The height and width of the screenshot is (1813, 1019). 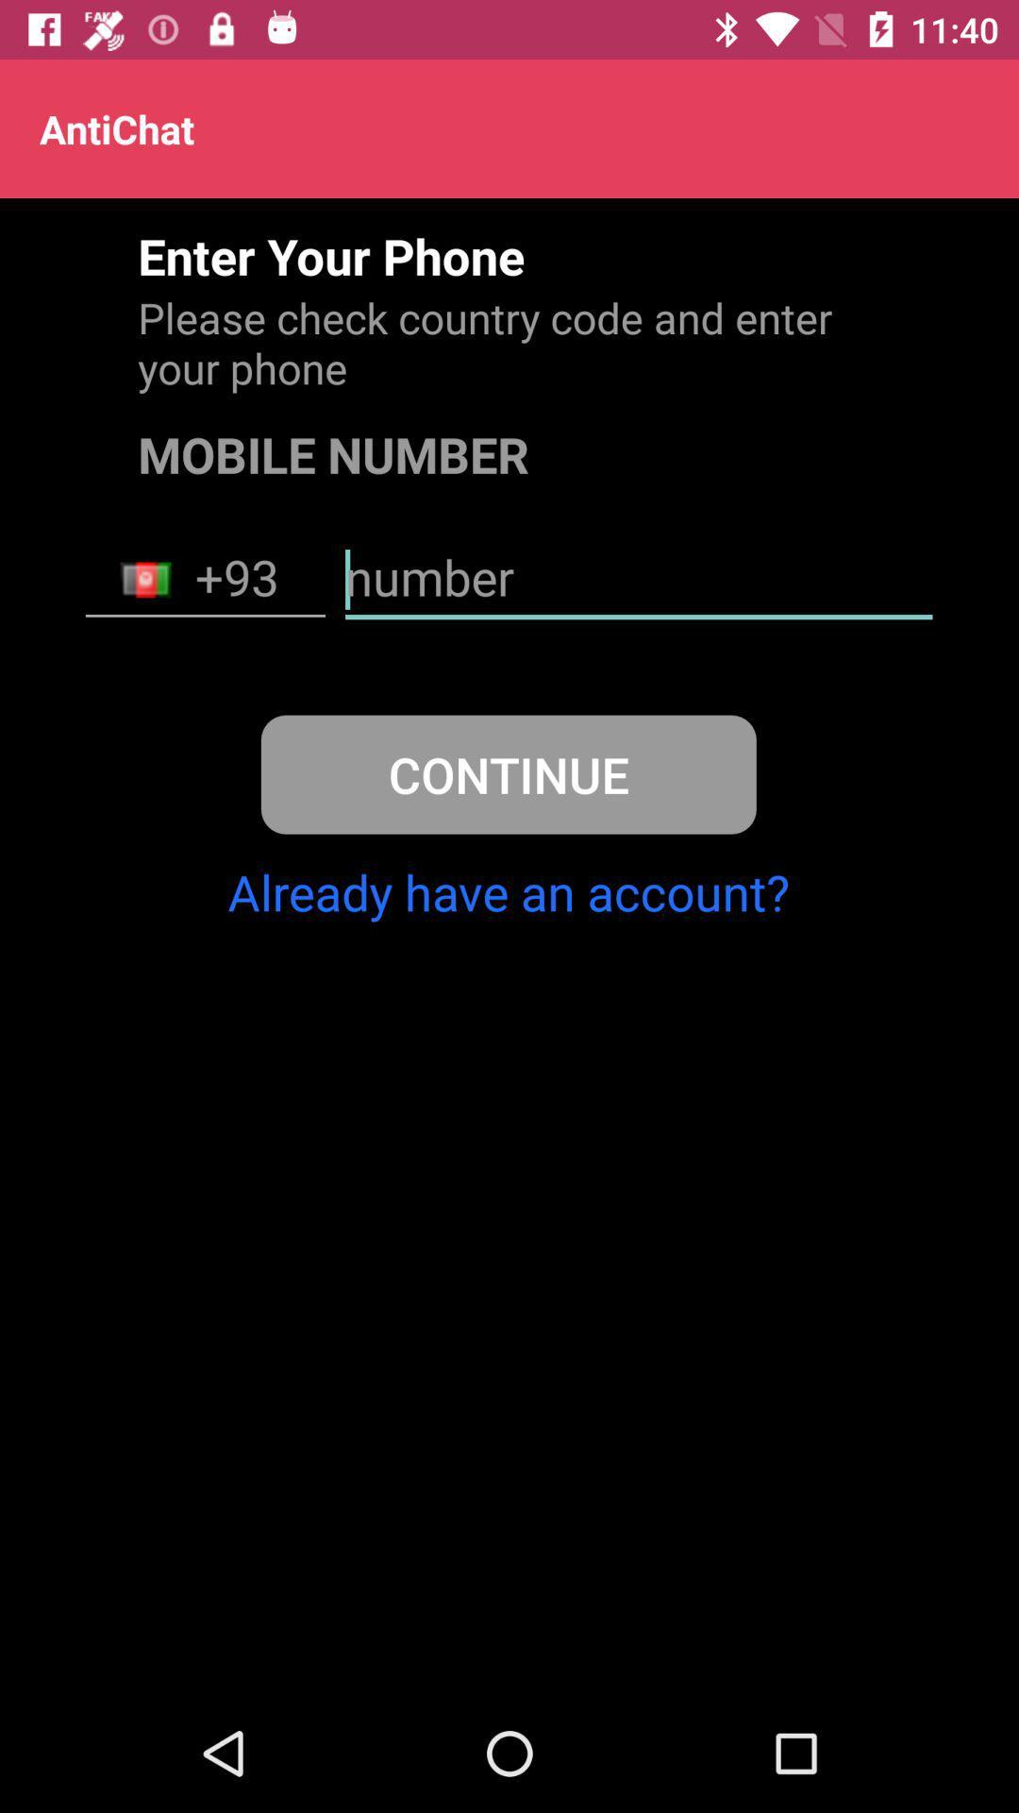 What do you see at coordinates (638, 579) in the screenshot?
I see `item above the continue` at bounding box center [638, 579].